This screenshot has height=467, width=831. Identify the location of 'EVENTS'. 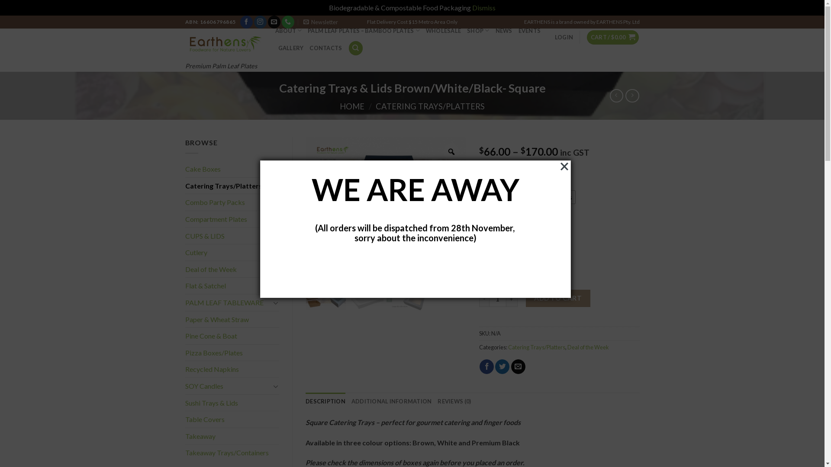
(529, 30).